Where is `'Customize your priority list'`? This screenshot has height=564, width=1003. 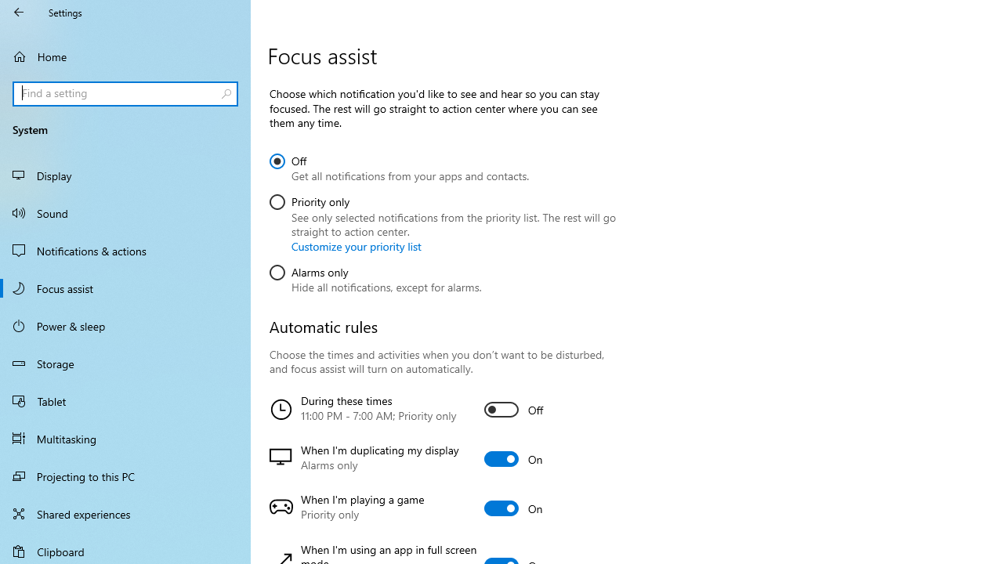 'Customize your priority list' is located at coordinates (356, 246).